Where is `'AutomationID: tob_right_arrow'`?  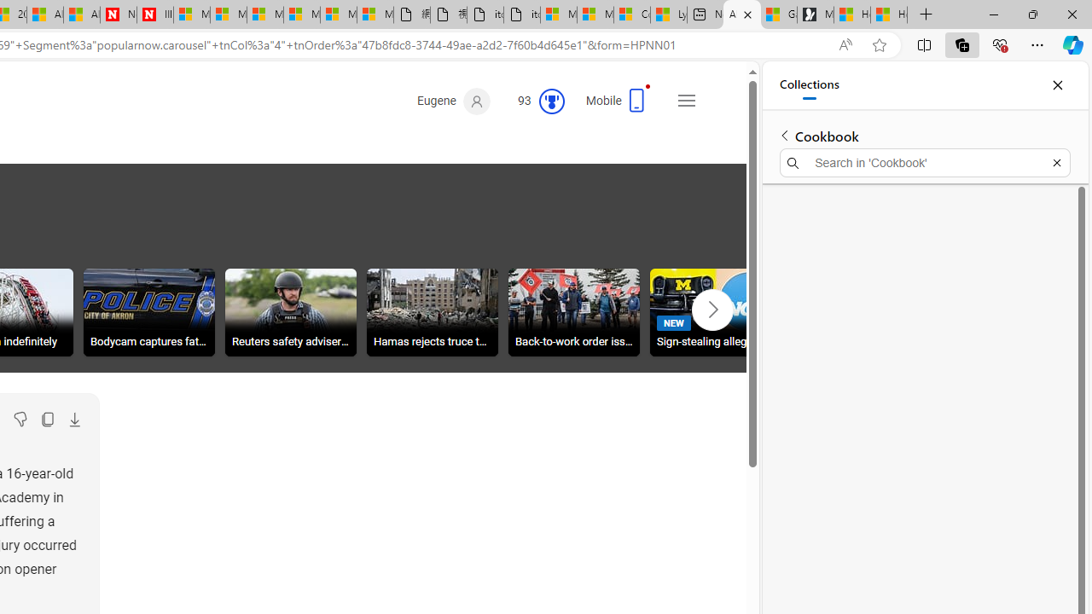 'AutomationID: tob_right_arrow' is located at coordinates (712, 310).